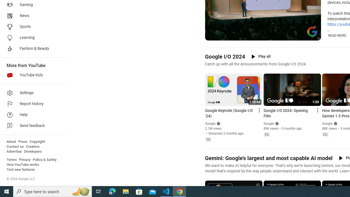 The image size is (350, 197). Describe the element at coordinates (52, 191) in the screenshot. I see `'Type here to search'` at that location.